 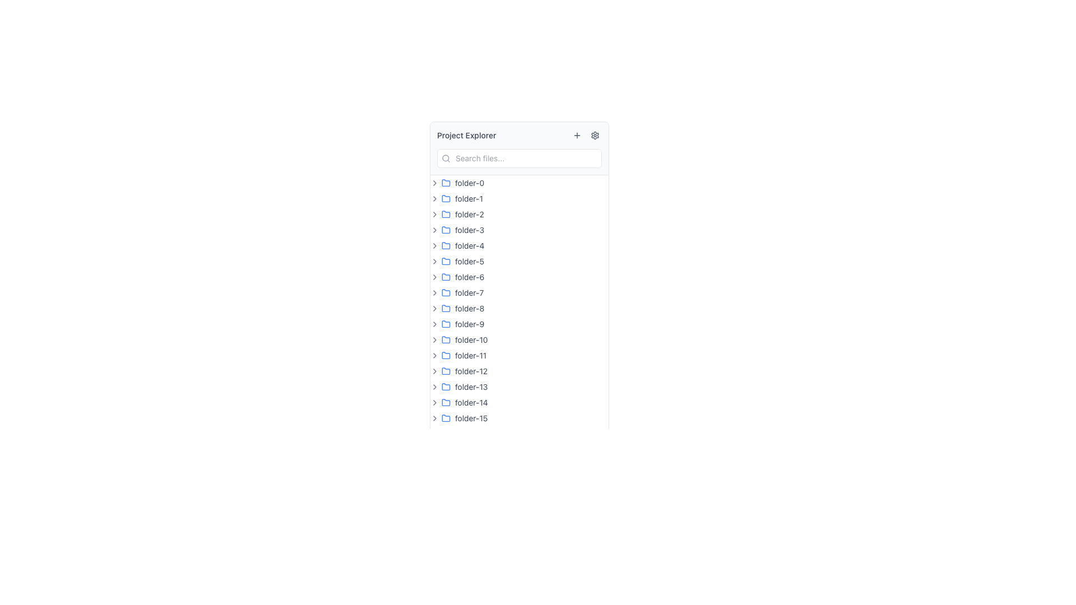 What do you see at coordinates (434, 324) in the screenshot?
I see `the right-pointing chevron icon located beside the text 'folder-9'` at bounding box center [434, 324].